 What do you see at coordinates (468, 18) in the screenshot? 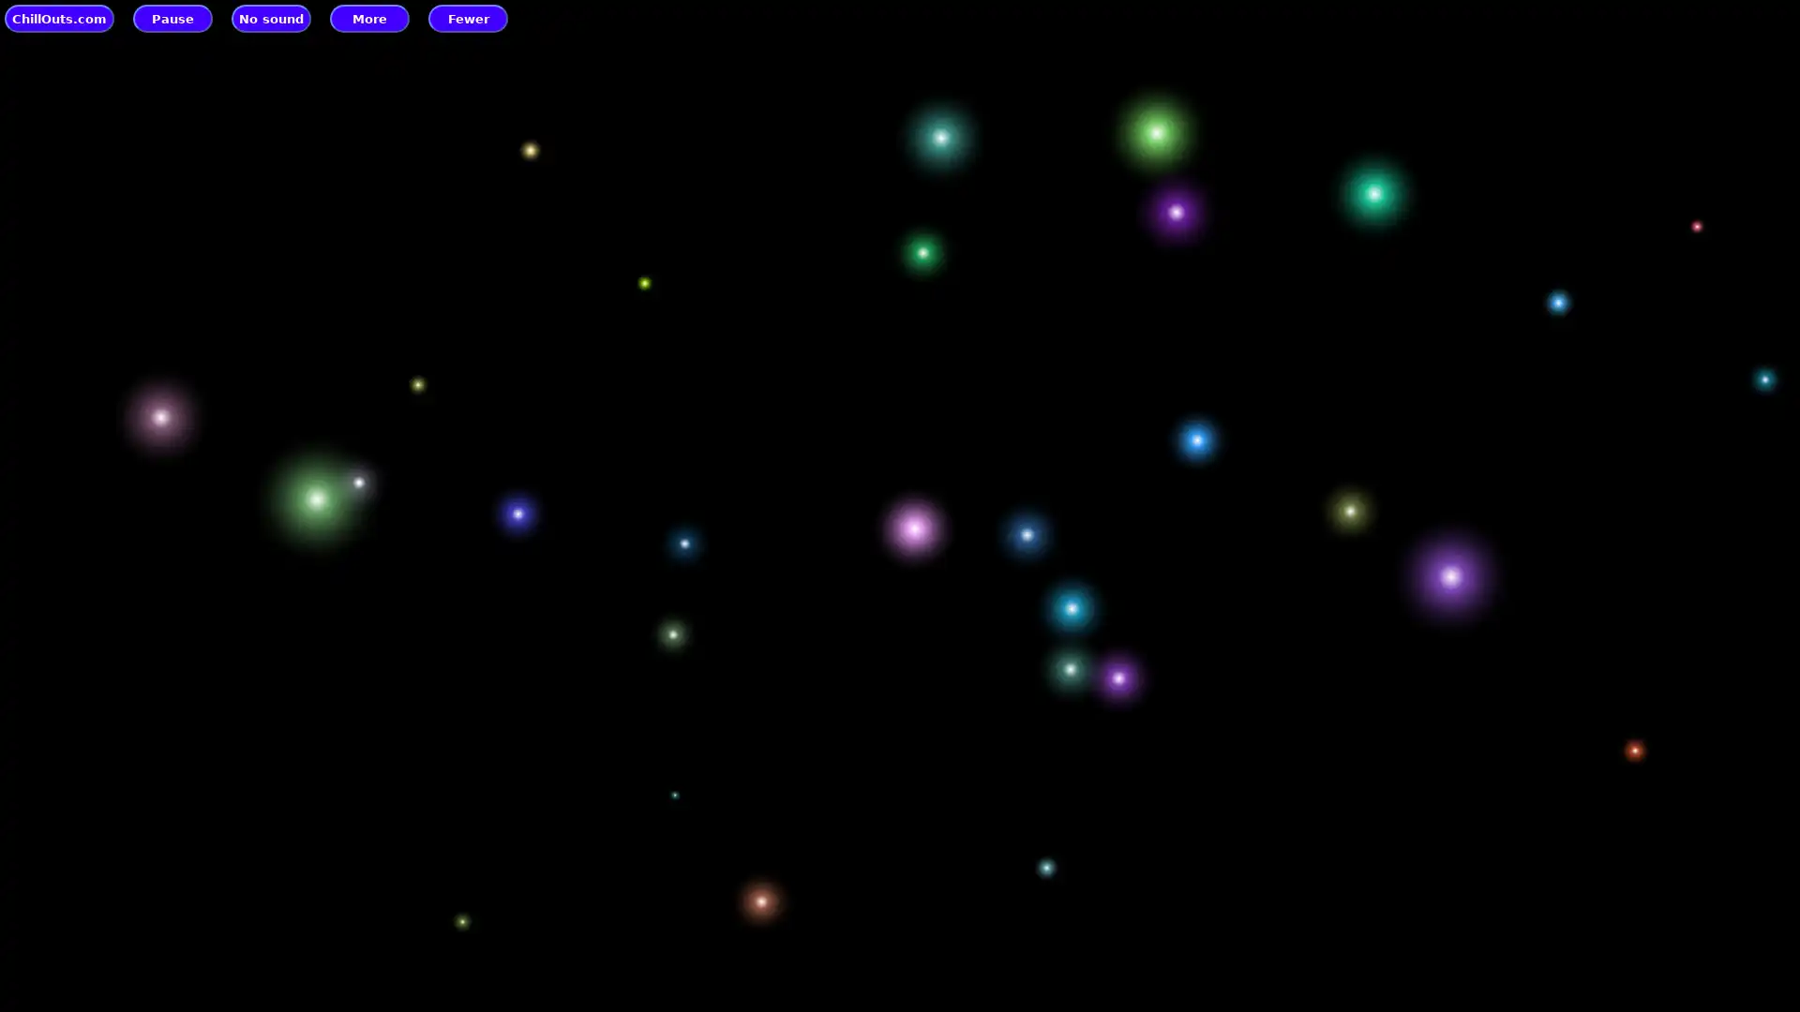
I see `Fewer` at bounding box center [468, 18].